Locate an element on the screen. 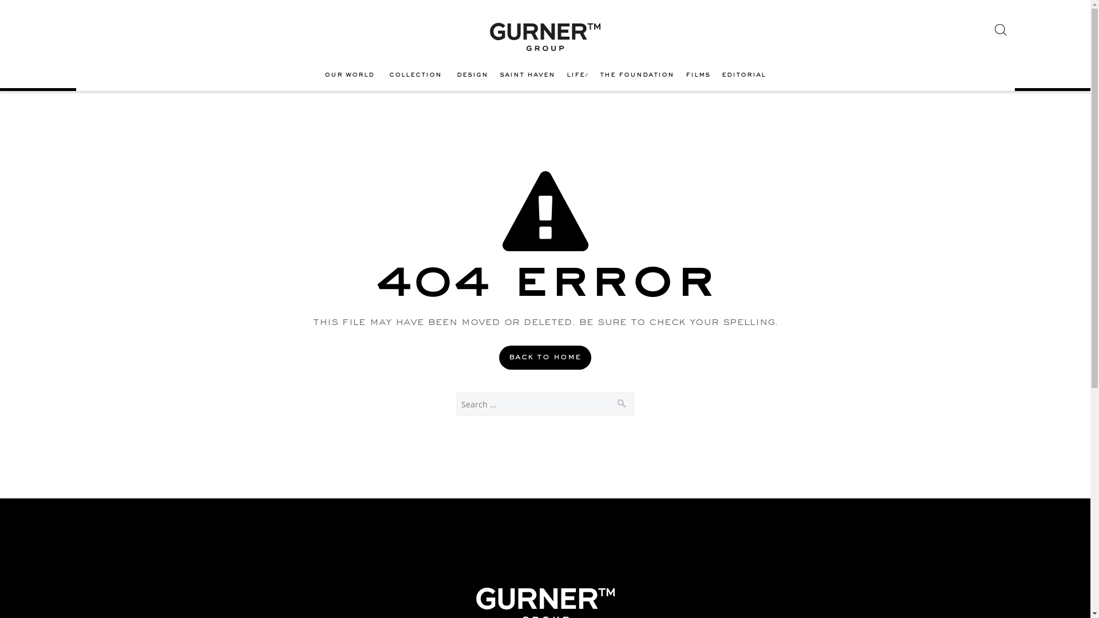 The height and width of the screenshot is (618, 1099). 'LIFE/' is located at coordinates (577, 75).